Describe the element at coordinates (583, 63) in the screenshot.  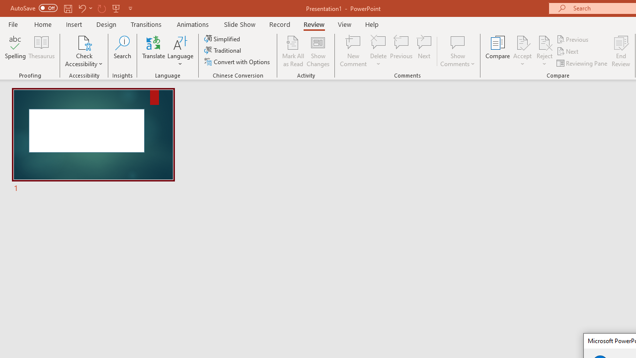
I see `'Reviewing Pane'` at that location.